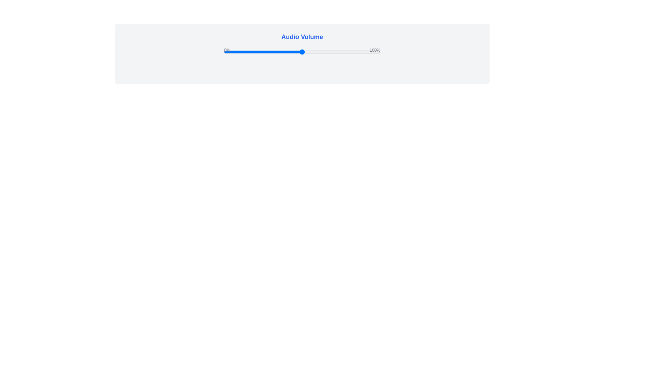  Describe the element at coordinates (328, 52) in the screenshot. I see `the audio volume` at that location.